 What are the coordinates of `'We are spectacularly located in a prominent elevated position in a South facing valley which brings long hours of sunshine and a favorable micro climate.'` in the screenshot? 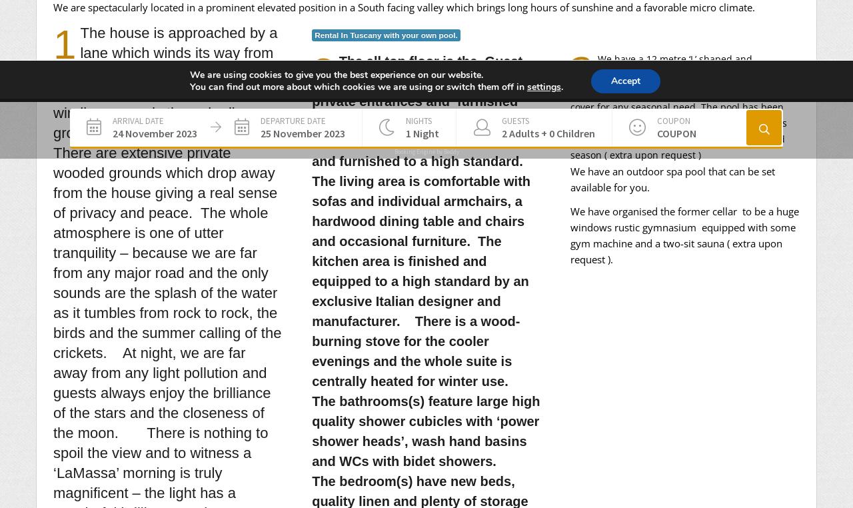 It's located at (53, 5).